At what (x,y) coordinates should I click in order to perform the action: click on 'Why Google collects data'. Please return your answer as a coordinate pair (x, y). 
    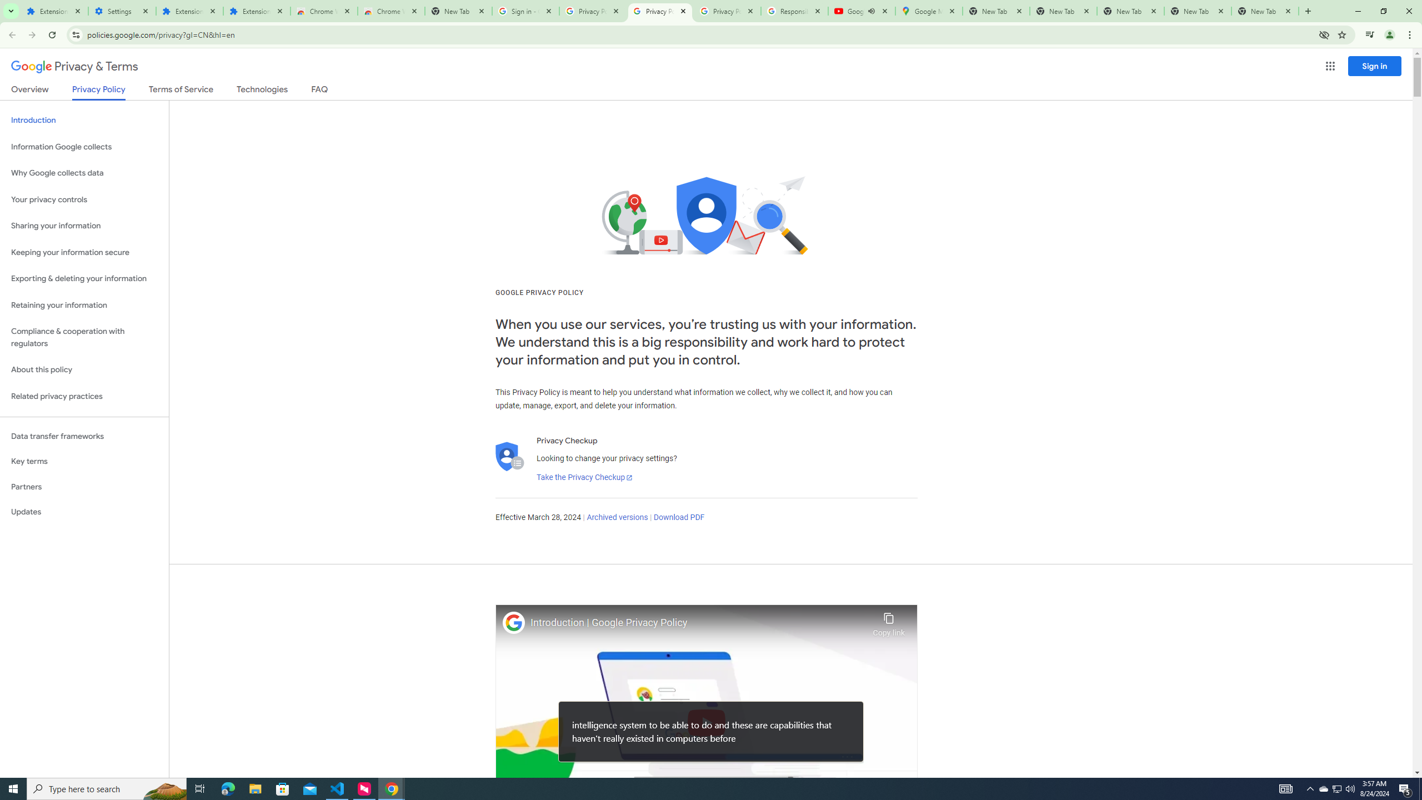
    Looking at the image, I should click on (84, 172).